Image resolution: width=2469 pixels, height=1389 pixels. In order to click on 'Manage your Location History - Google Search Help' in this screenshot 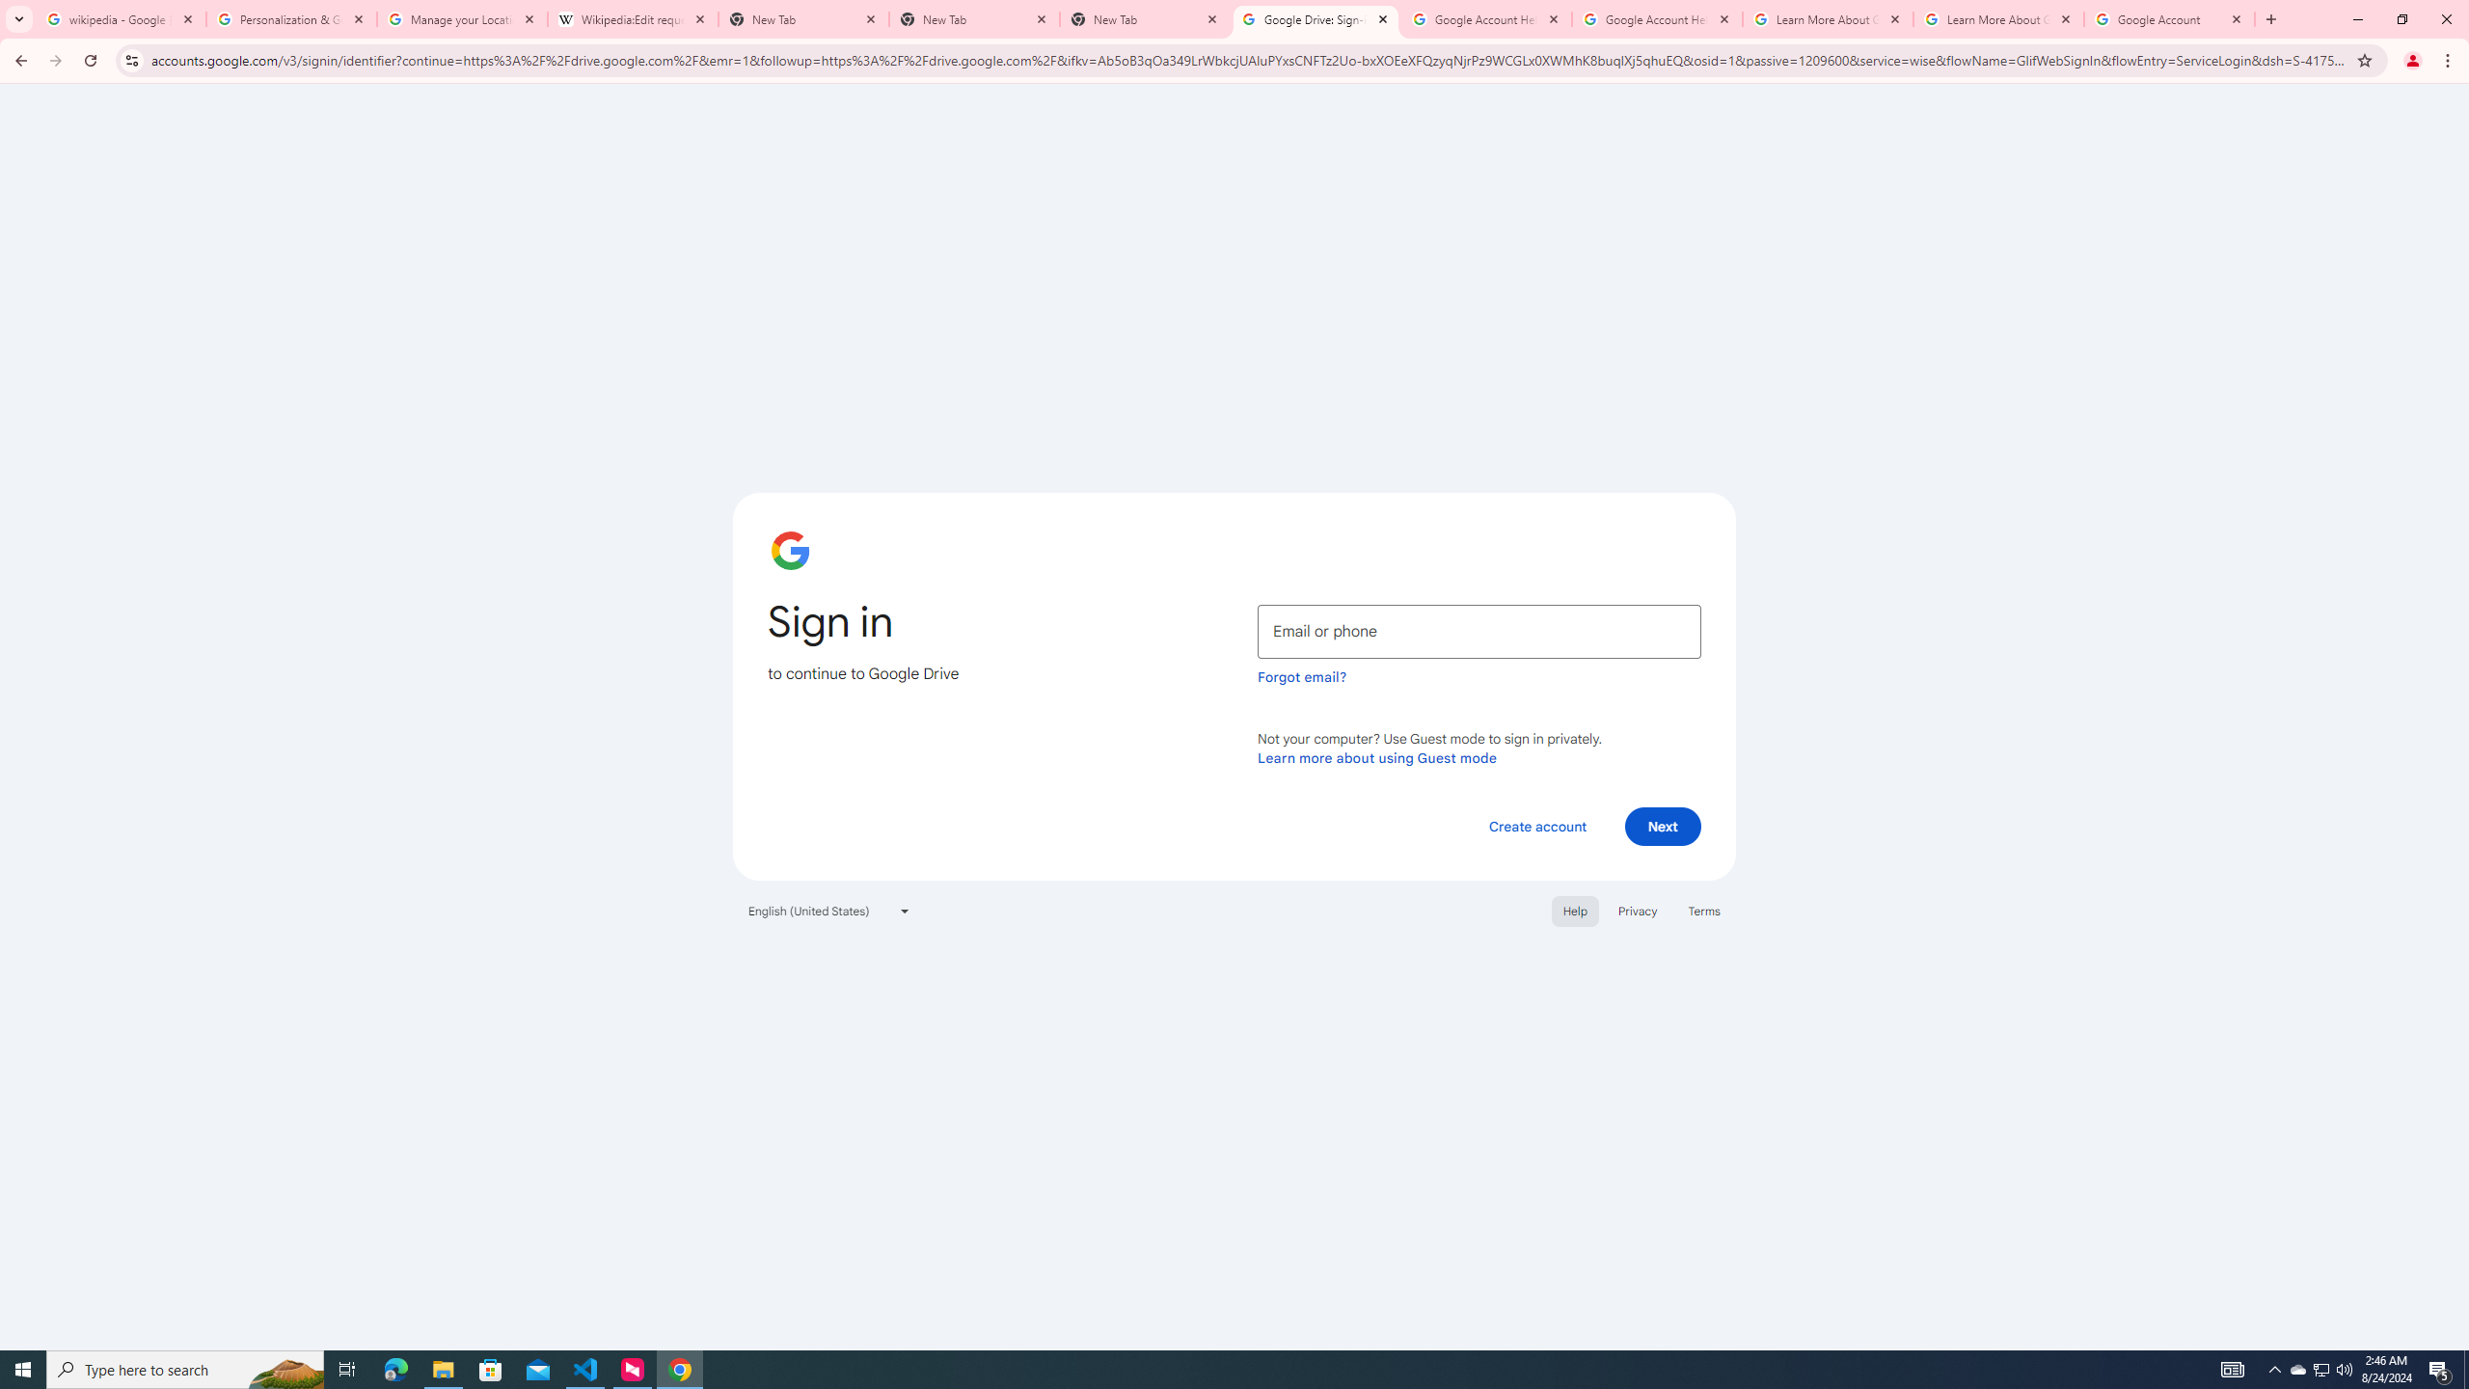, I will do `click(460, 18)`.